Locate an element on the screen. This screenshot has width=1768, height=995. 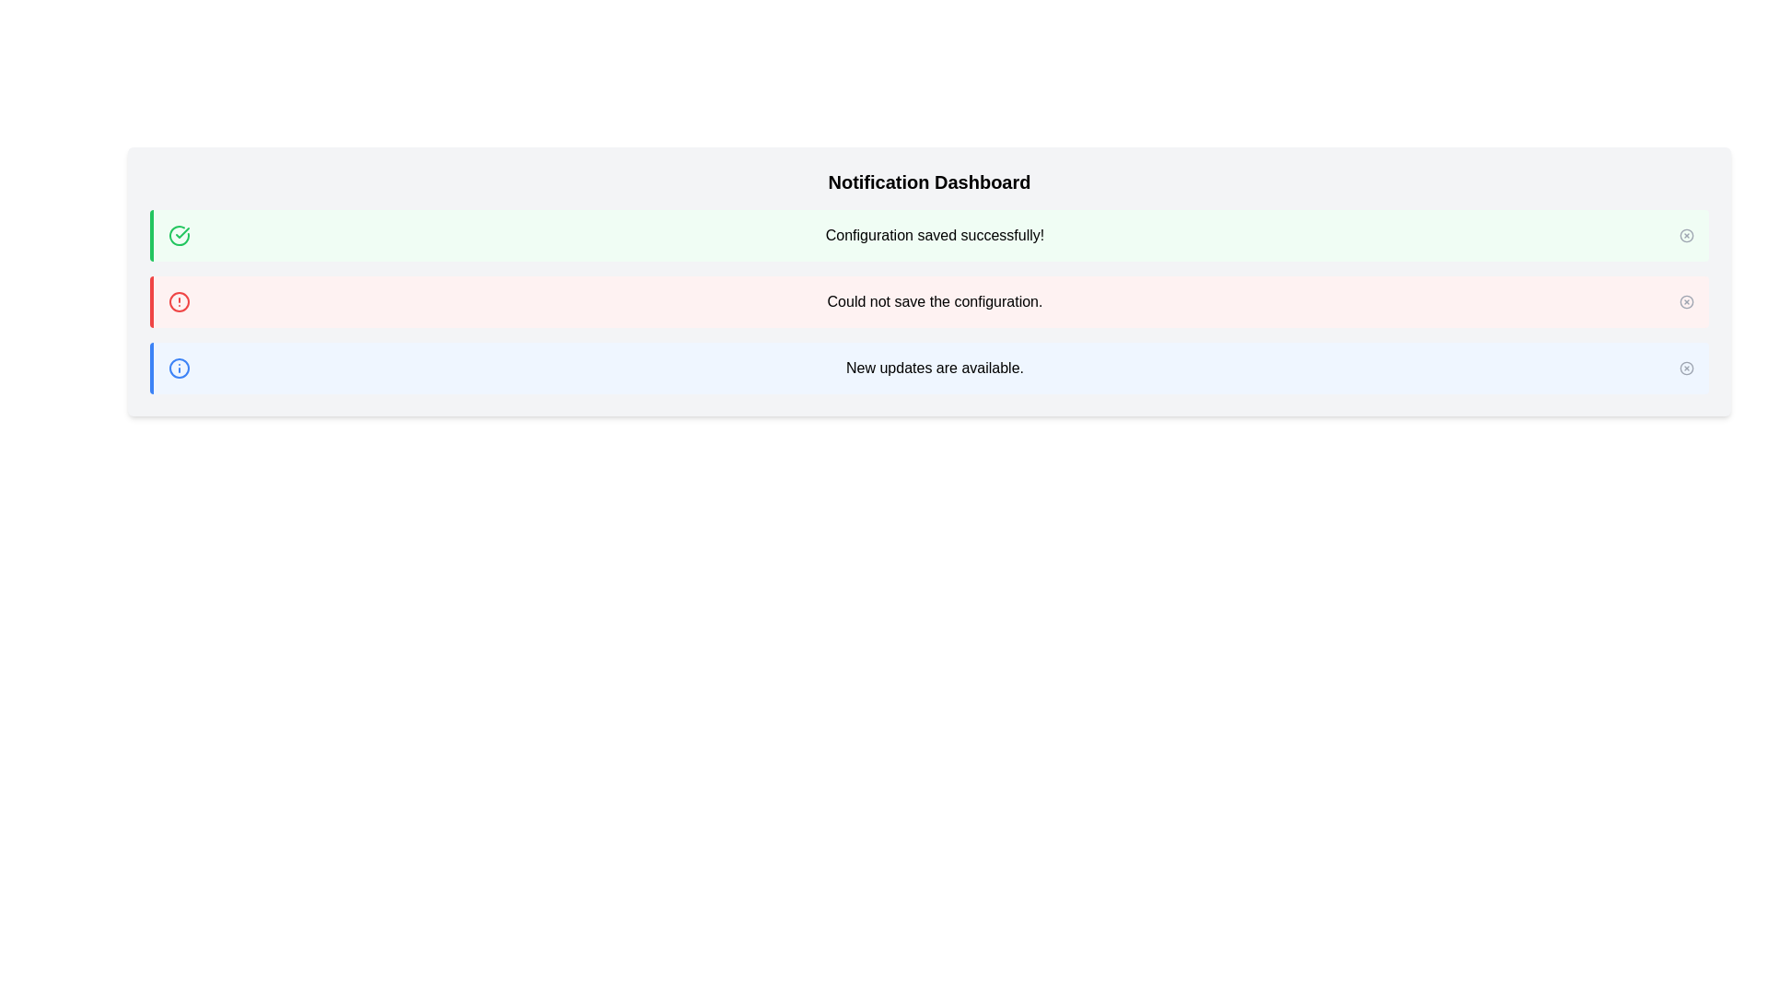
the alert icon (circular outline) that indicates the notification 'Could not save the configuration.' This icon is centrally placed within the left part of the notification row is located at coordinates (180, 300).